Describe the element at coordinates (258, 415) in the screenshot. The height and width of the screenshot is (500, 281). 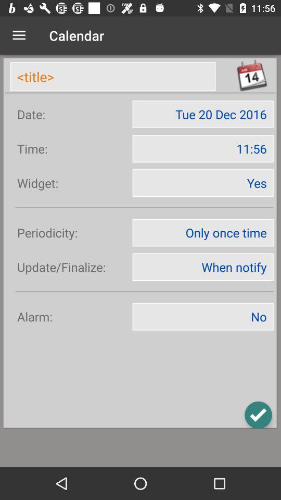
I see `the check icon` at that location.